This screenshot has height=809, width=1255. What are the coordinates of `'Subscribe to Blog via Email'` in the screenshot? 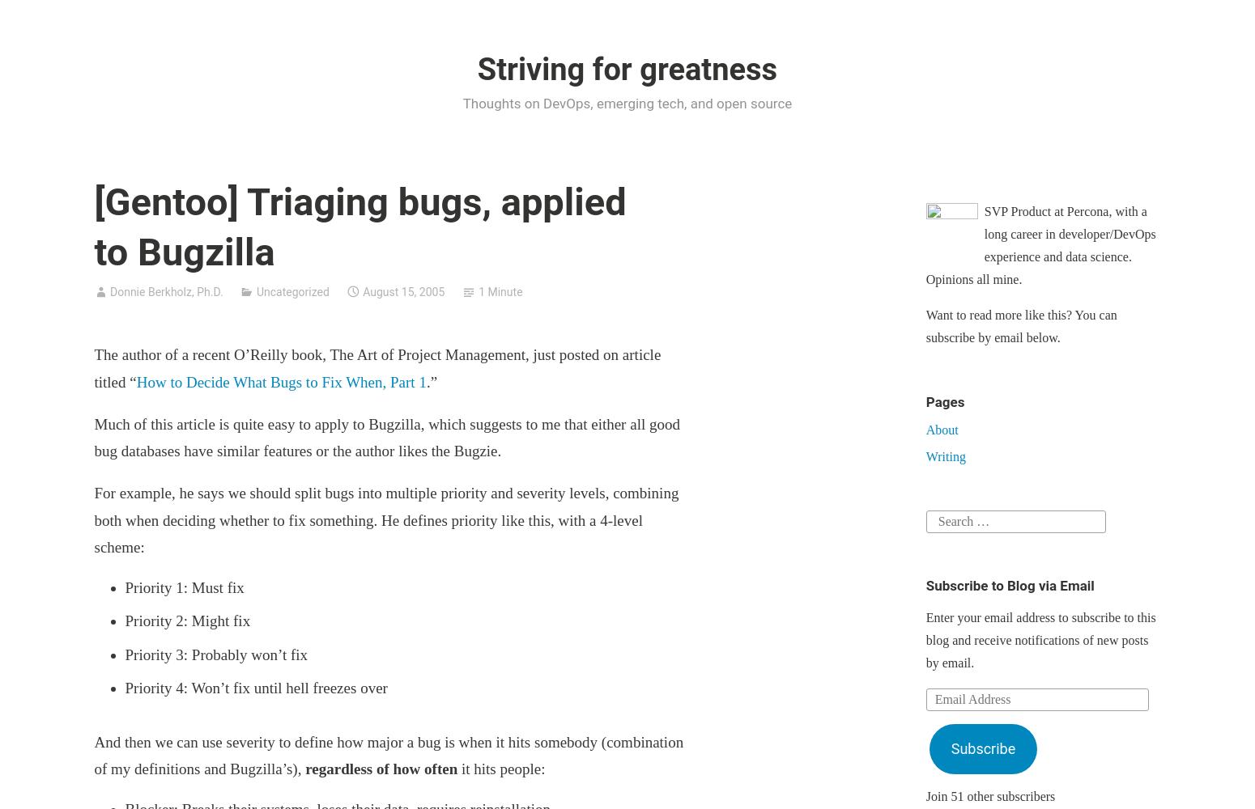 It's located at (1008, 585).